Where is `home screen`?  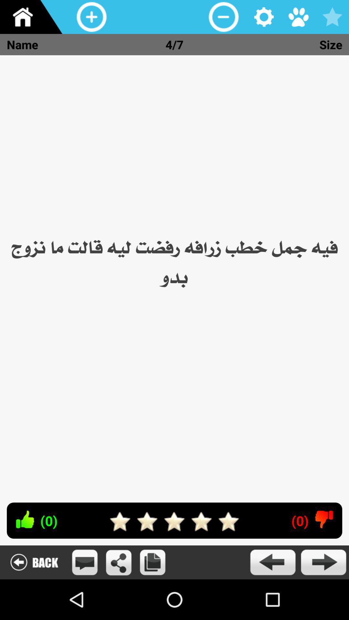 home screen is located at coordinates (34, 17).